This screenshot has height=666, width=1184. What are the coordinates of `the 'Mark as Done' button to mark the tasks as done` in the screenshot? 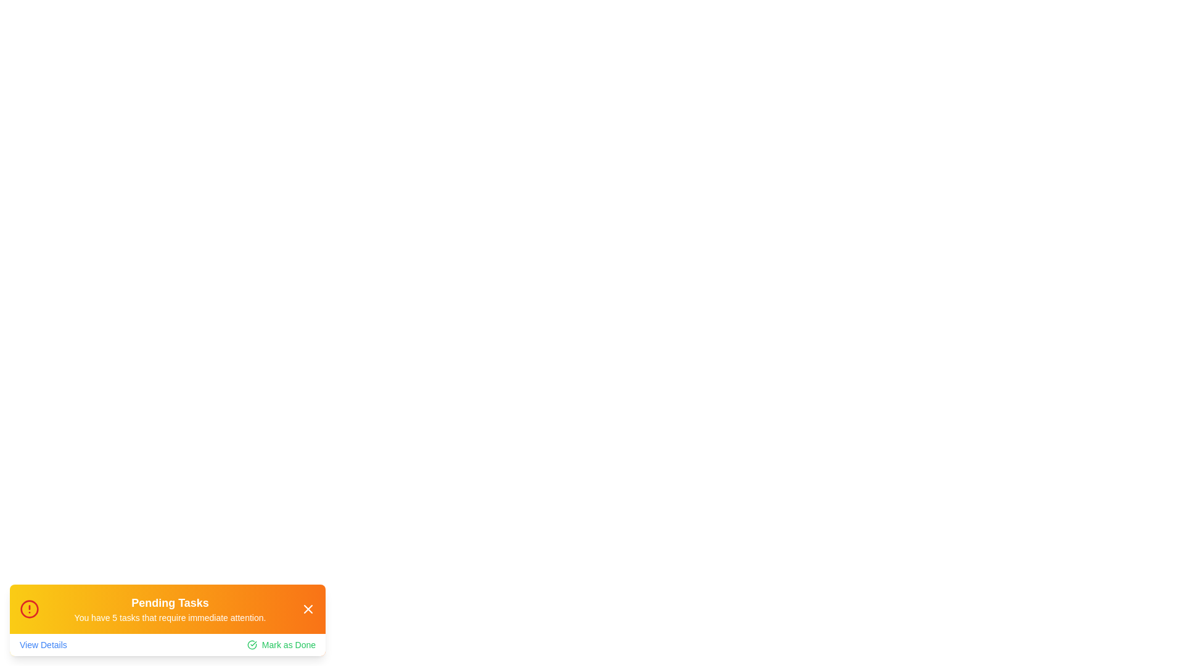 It's located at (281, 644).